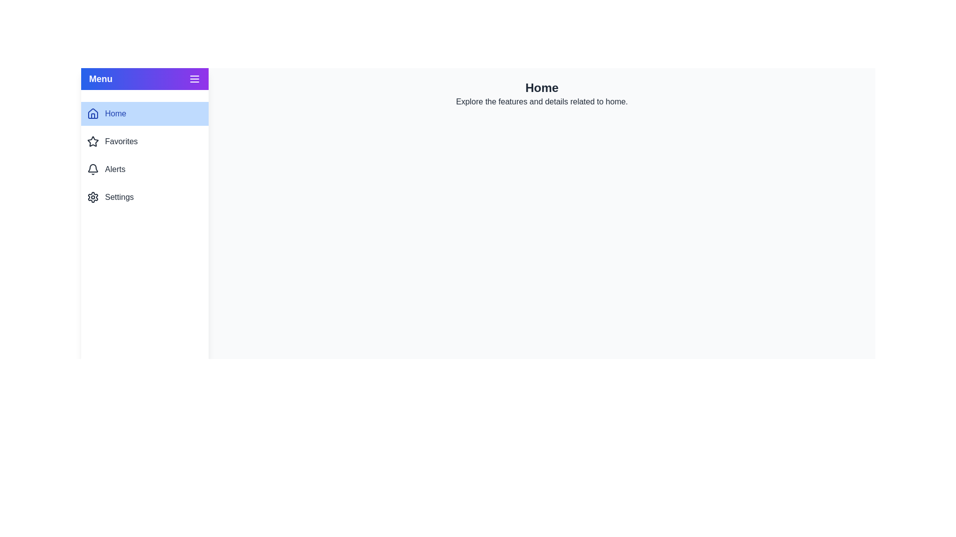 This screenshot has height=537, width=956. What do you see at coordinates (93, 112) in the screenshot?
I see `the small house-shaped icon located in the left-hand navigation menu next to the 'Home' label, which is part of the highlighted 'Home' menu item with a blue background` at bounding box center [93, 112].